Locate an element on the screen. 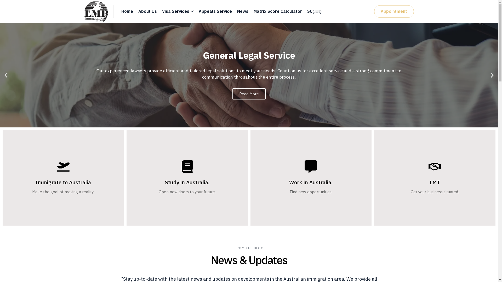 This screenshot has height=282, width=502. 'Appeals Service' is located at coordinates (215, 11).